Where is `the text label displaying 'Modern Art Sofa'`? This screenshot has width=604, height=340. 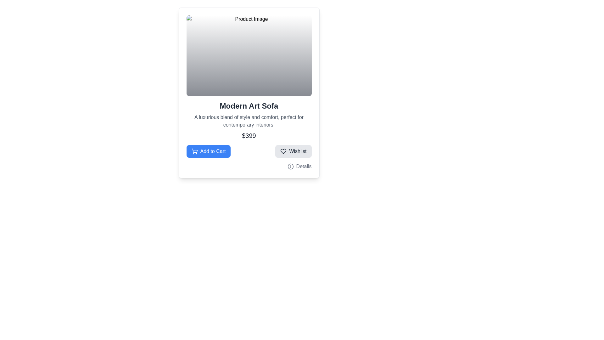
the text label displaying 'Modern Art Sofa' is located at coordinates (249, 105).